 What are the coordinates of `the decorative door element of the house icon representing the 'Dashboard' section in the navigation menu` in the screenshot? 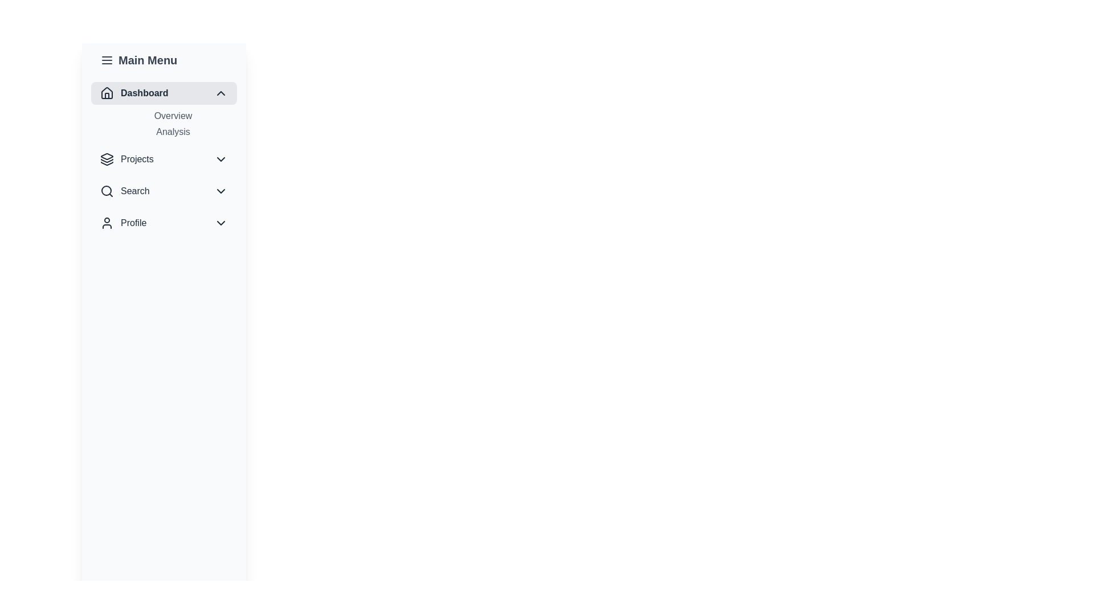 It's located at (107, 95).